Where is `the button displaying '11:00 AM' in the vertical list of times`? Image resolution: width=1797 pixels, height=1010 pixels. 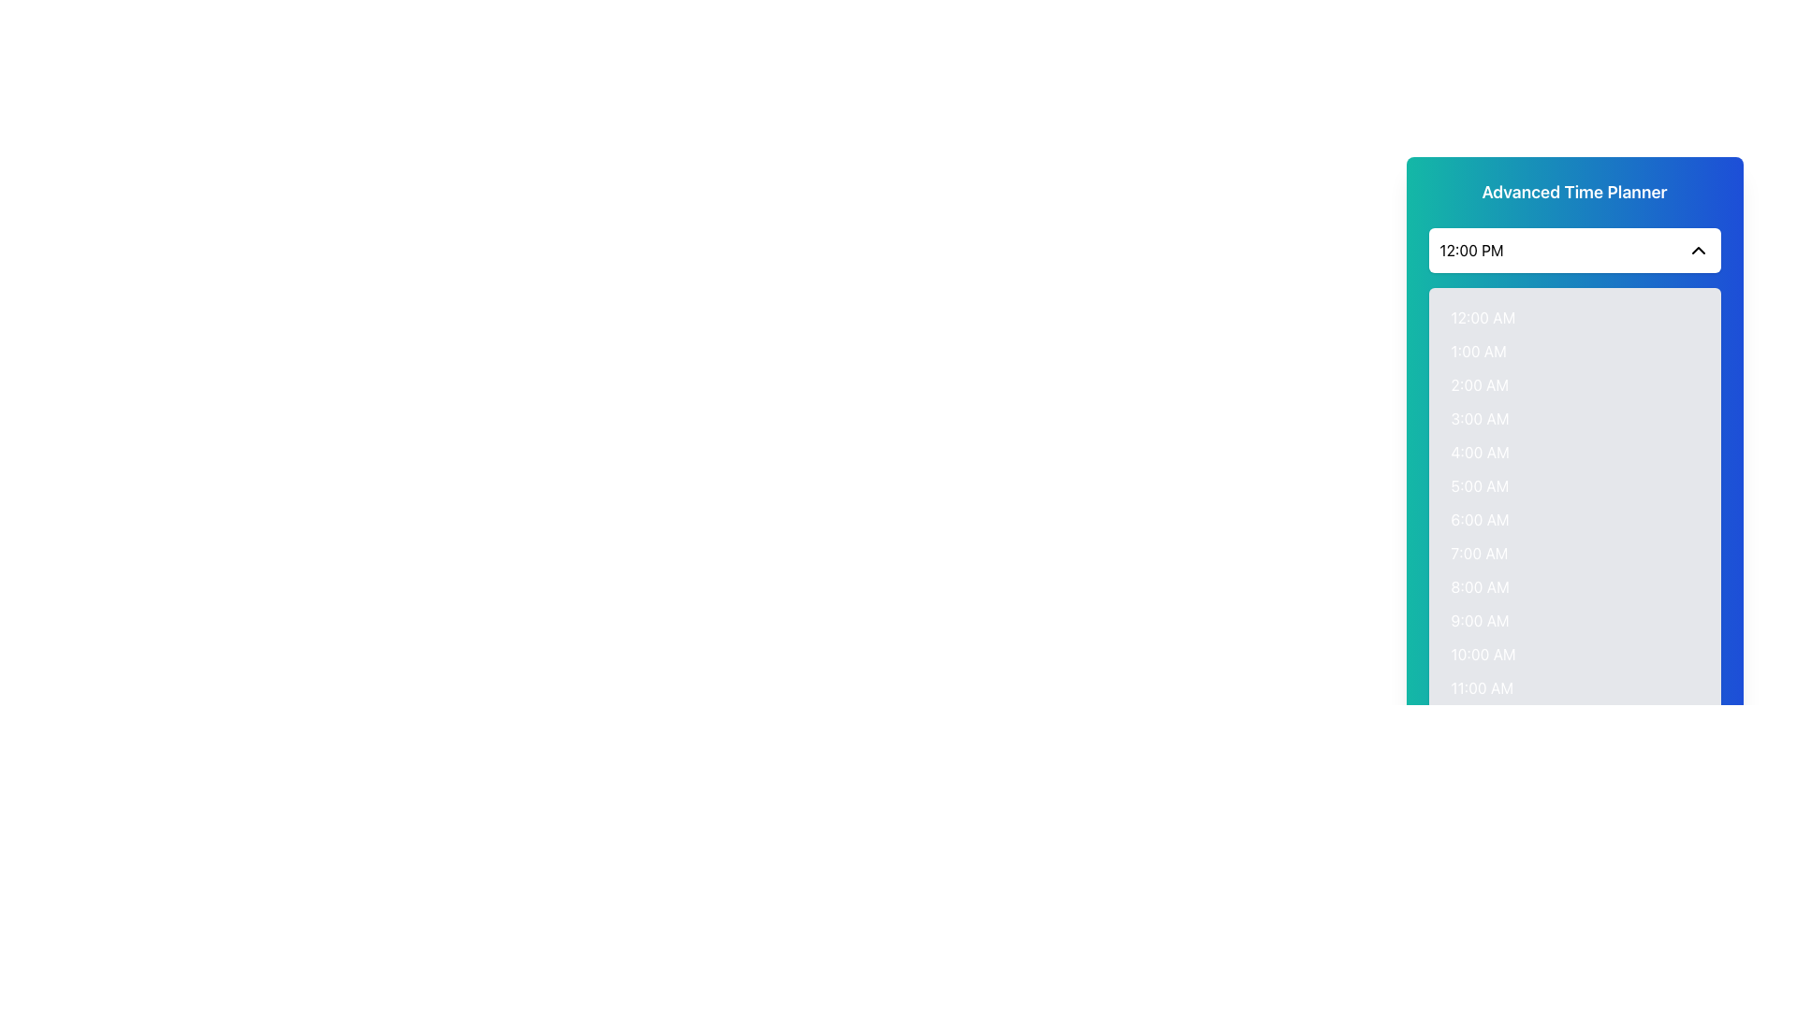 the button displaying '11:00 AM' in the vertical list of times is located at coordinates (1573, 688).